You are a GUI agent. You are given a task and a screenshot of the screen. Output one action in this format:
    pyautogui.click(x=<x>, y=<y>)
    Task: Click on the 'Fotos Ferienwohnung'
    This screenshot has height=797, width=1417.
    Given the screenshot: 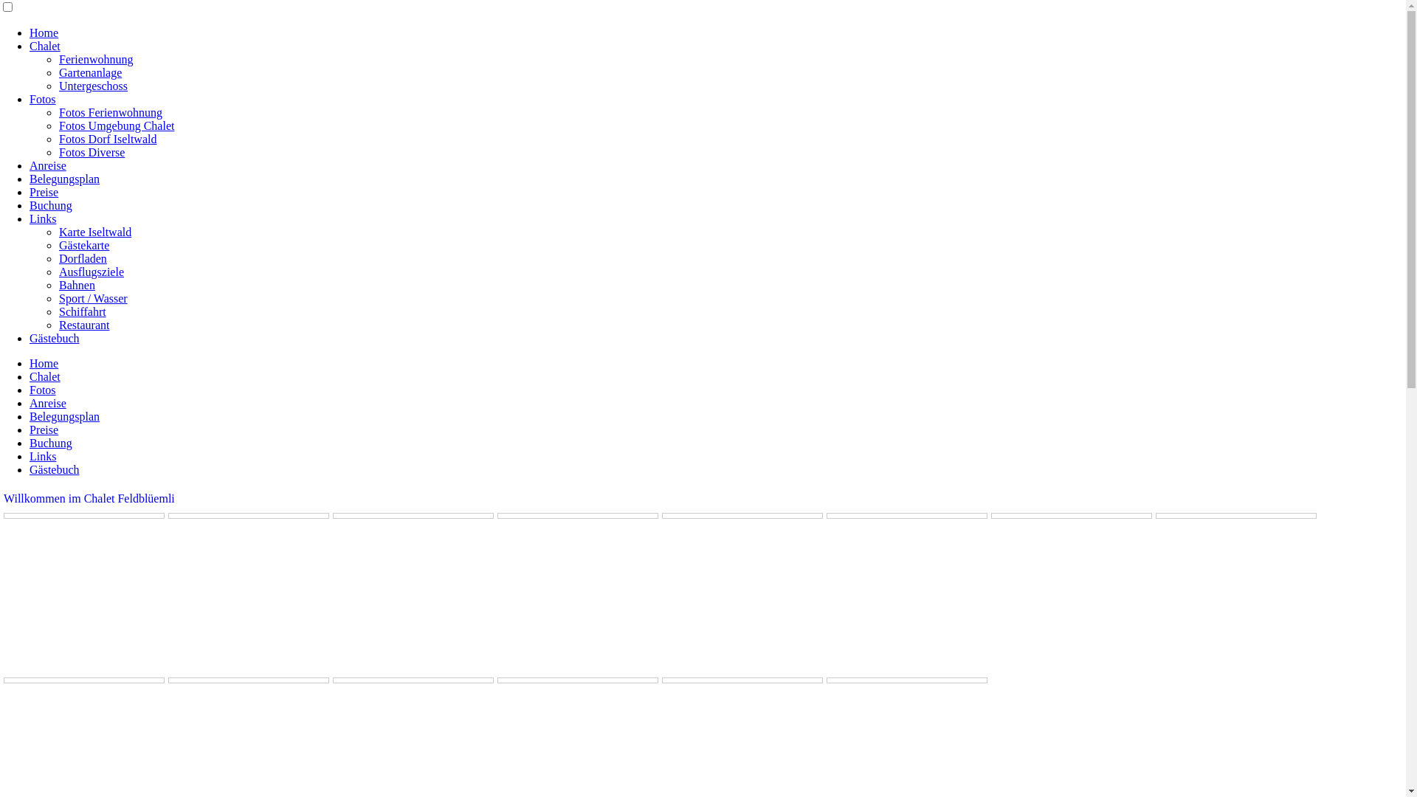 What is the action you would take?
    pyautogui.click(x=109, y=111)
    